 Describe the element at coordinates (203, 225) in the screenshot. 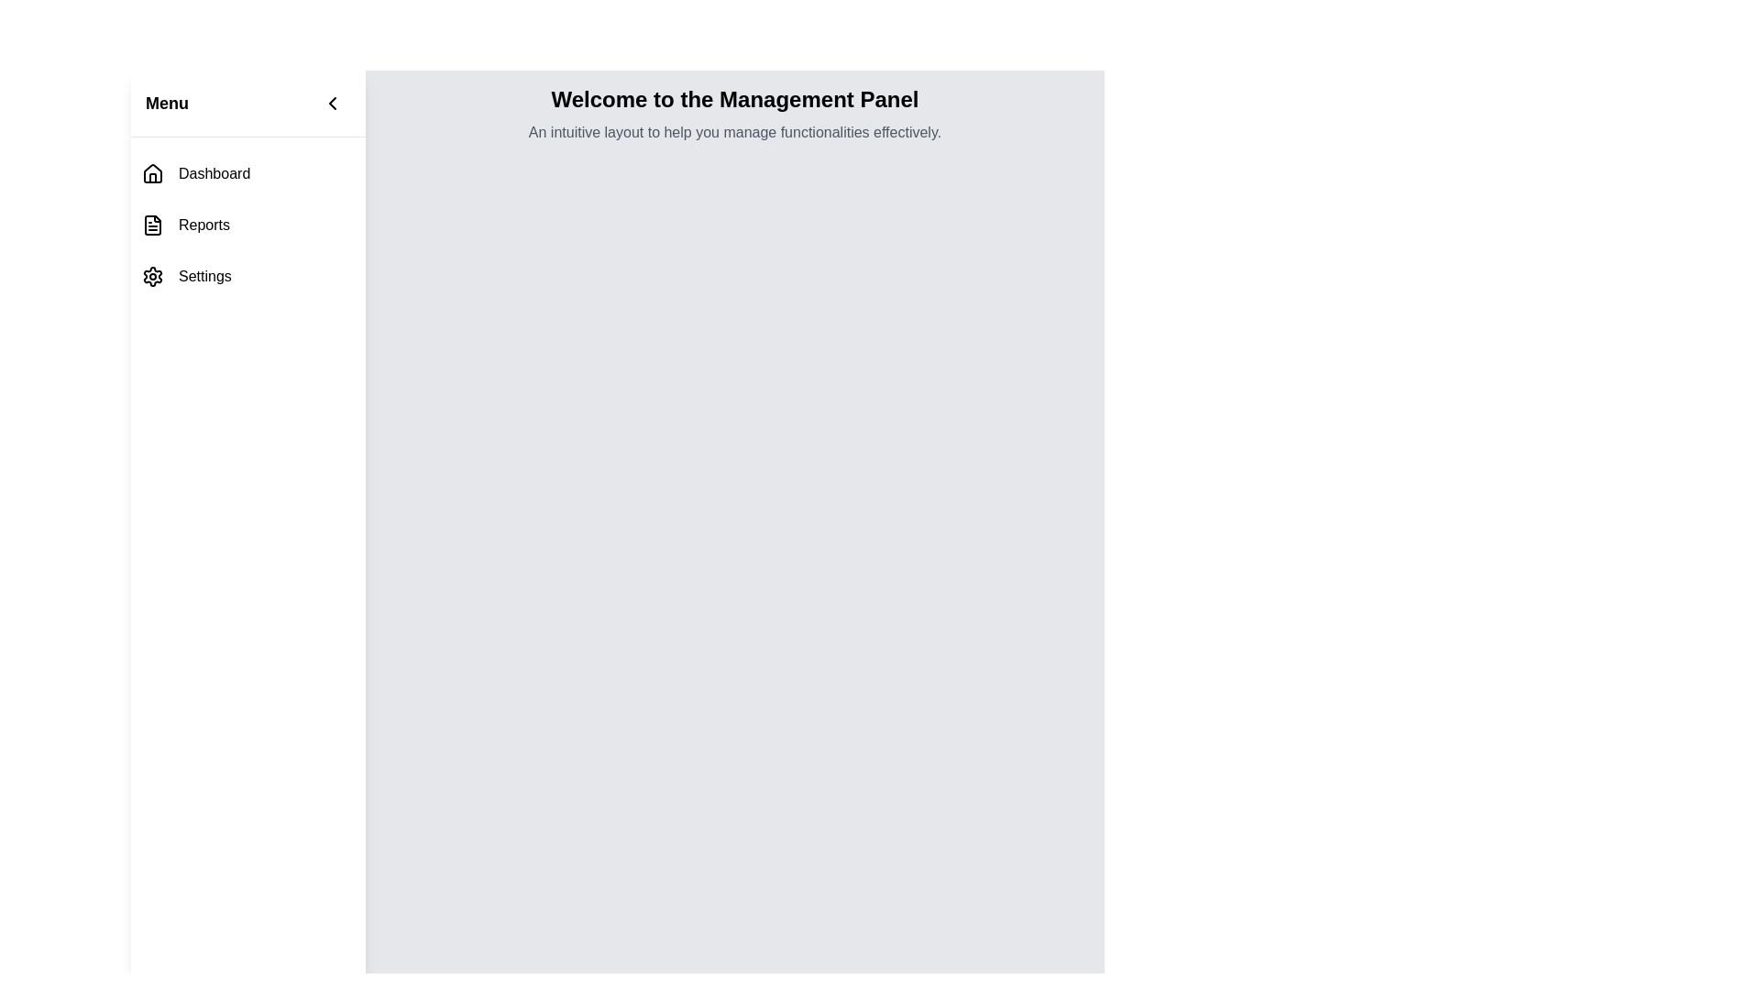

I see `the 'Reports' navigation item, which is the second item in the vertical sidebar list` at that location.